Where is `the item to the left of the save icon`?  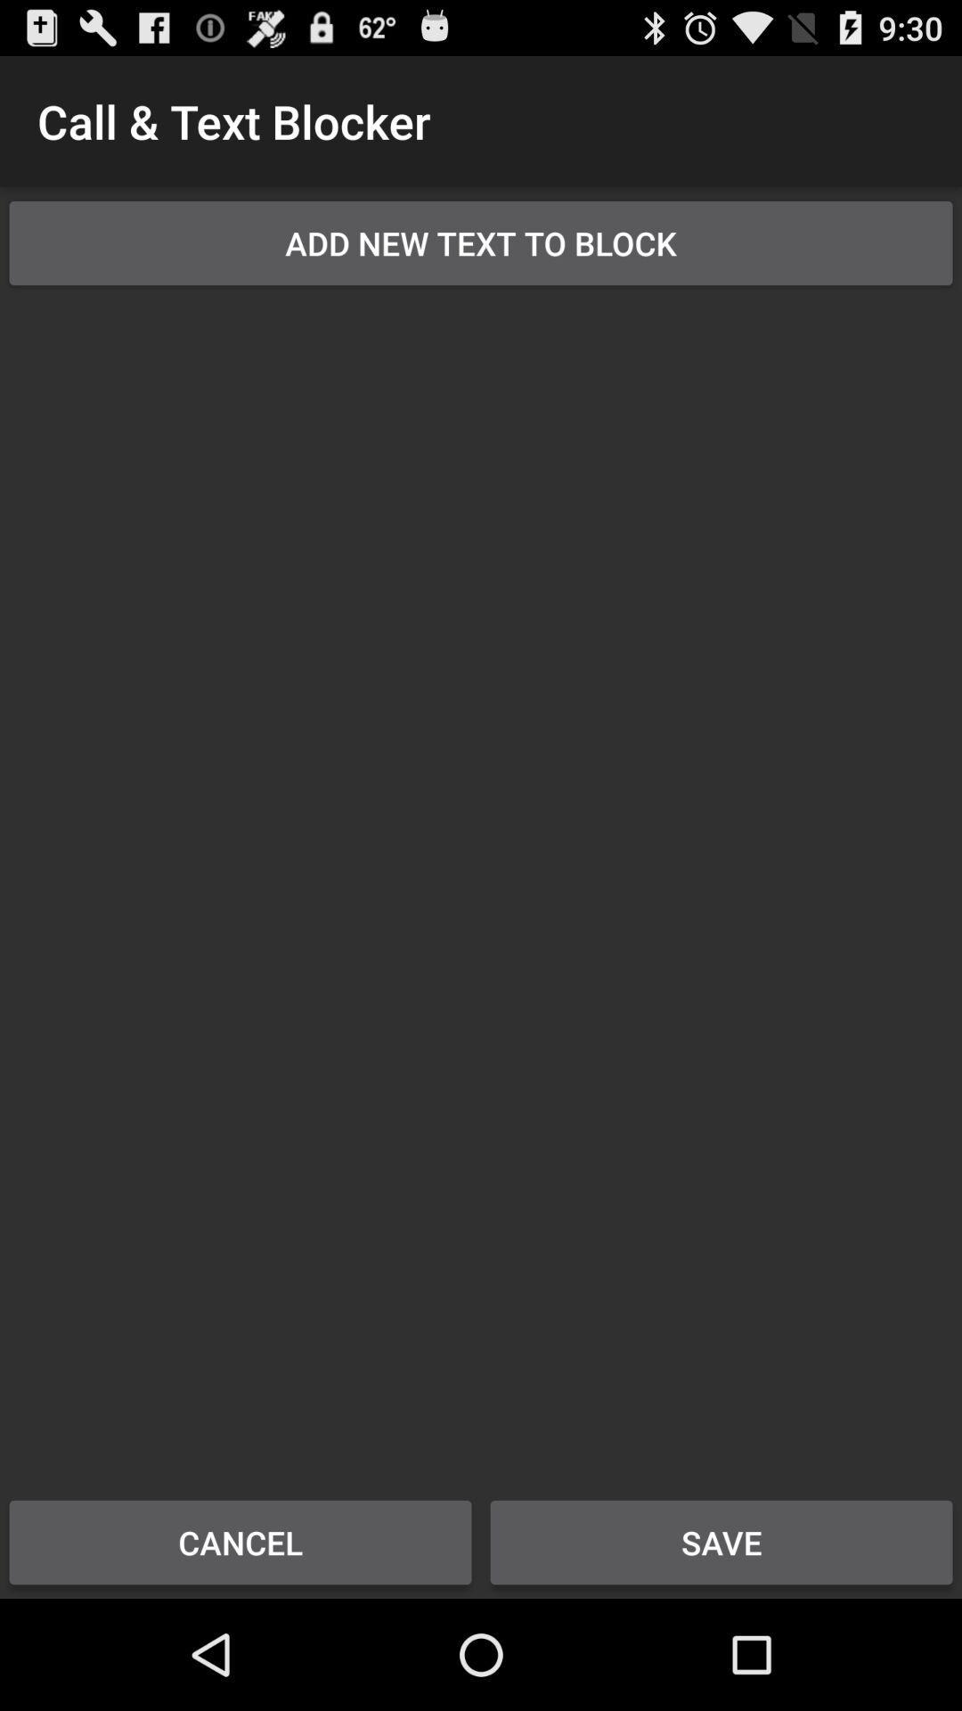
the item to the left of the save icon is located at coordinates (240, 1542).